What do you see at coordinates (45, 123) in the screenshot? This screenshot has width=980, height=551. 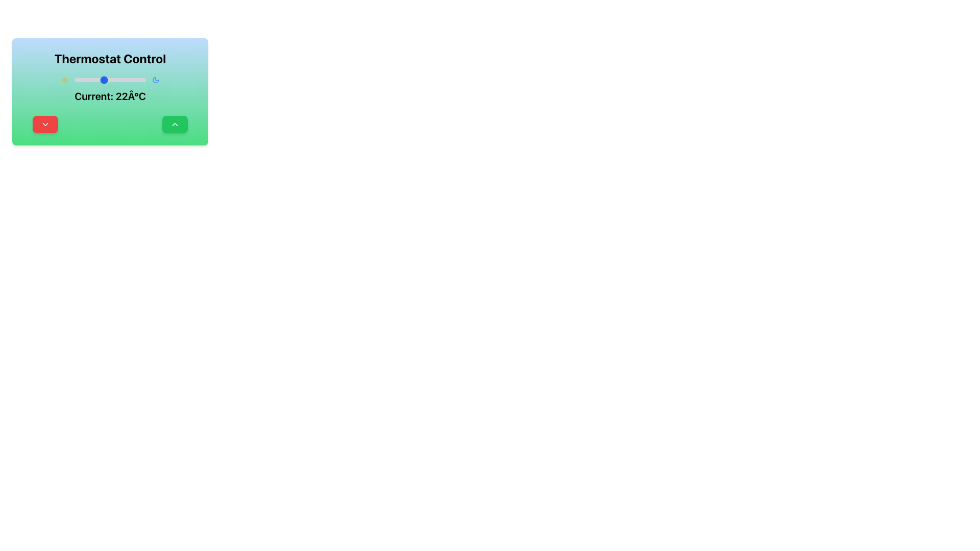 I see `the red rectangular button with rounded corners that has a downward chevron icon, located on the left side of the Thermostat Control section to observe its hover state changes` at bounding box center [45, 123].